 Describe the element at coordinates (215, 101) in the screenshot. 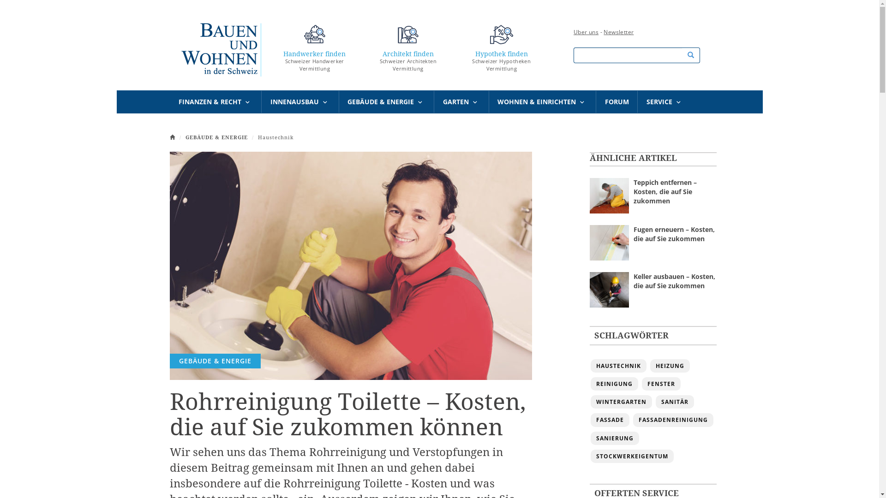

I see `'FINANZEN & RECHT'` at that location.